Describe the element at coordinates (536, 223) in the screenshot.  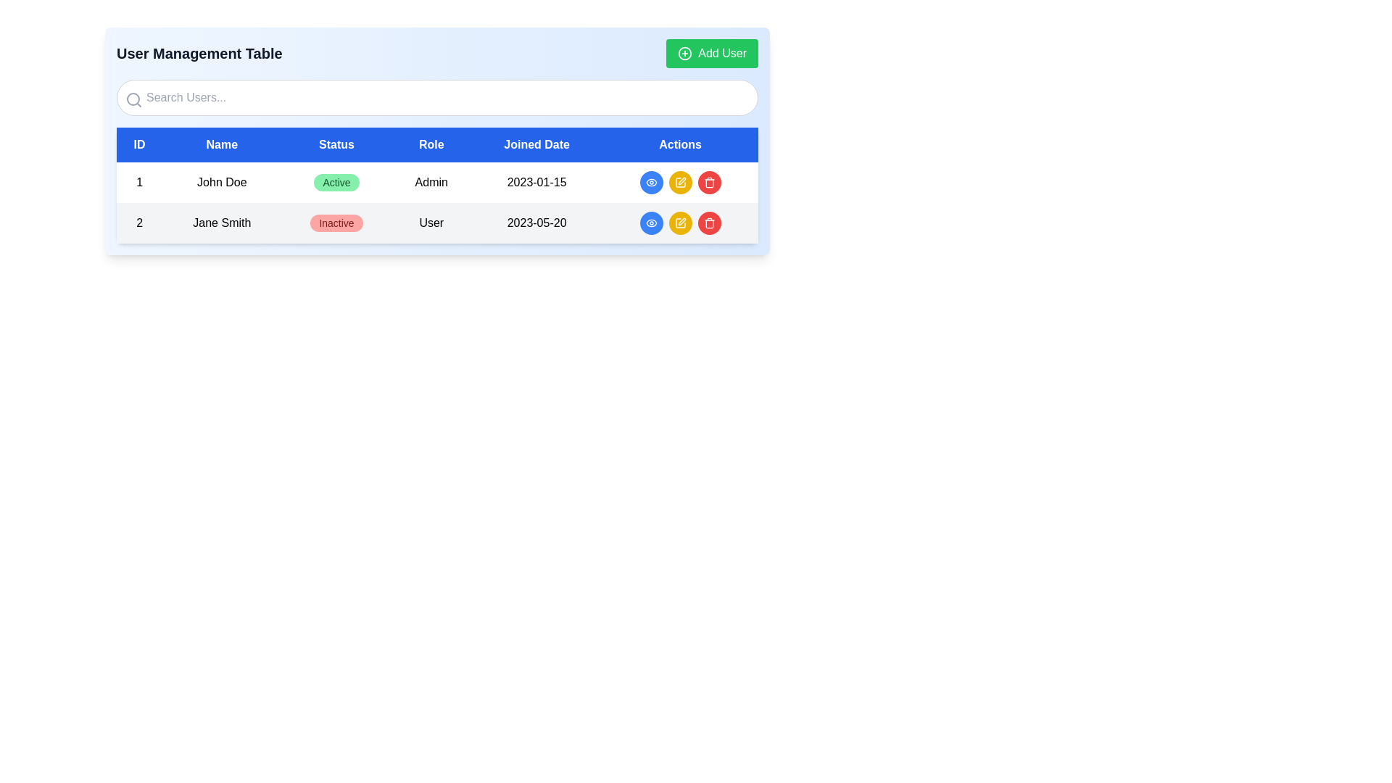
I see `the text label displaying '2023-05-20' in the 'Joined Date' column for user 'Jane Smith' in the user management table` at that location.